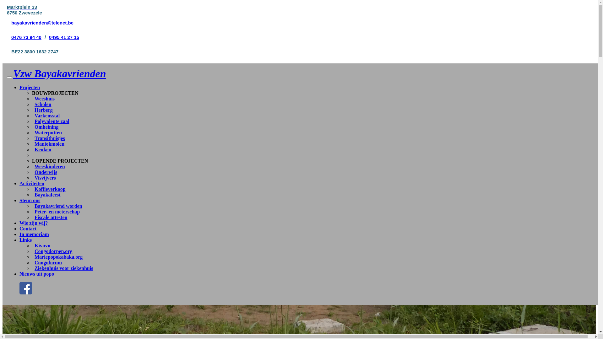 Image resolution: width=603 pixels, height=339 pixels. Describe the element at coordinates (56, 212) in the screenshot. I see `'Peter- en meterschap'` at that location.